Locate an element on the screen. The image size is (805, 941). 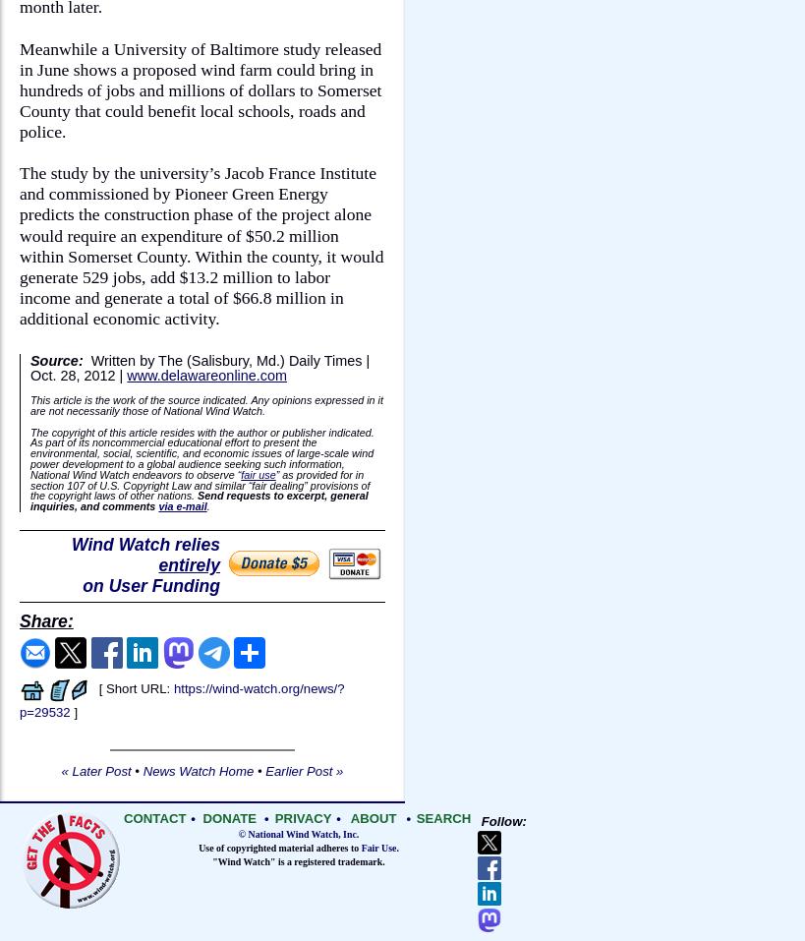
'Earlier Post »' is located at coordinates (304, 769).